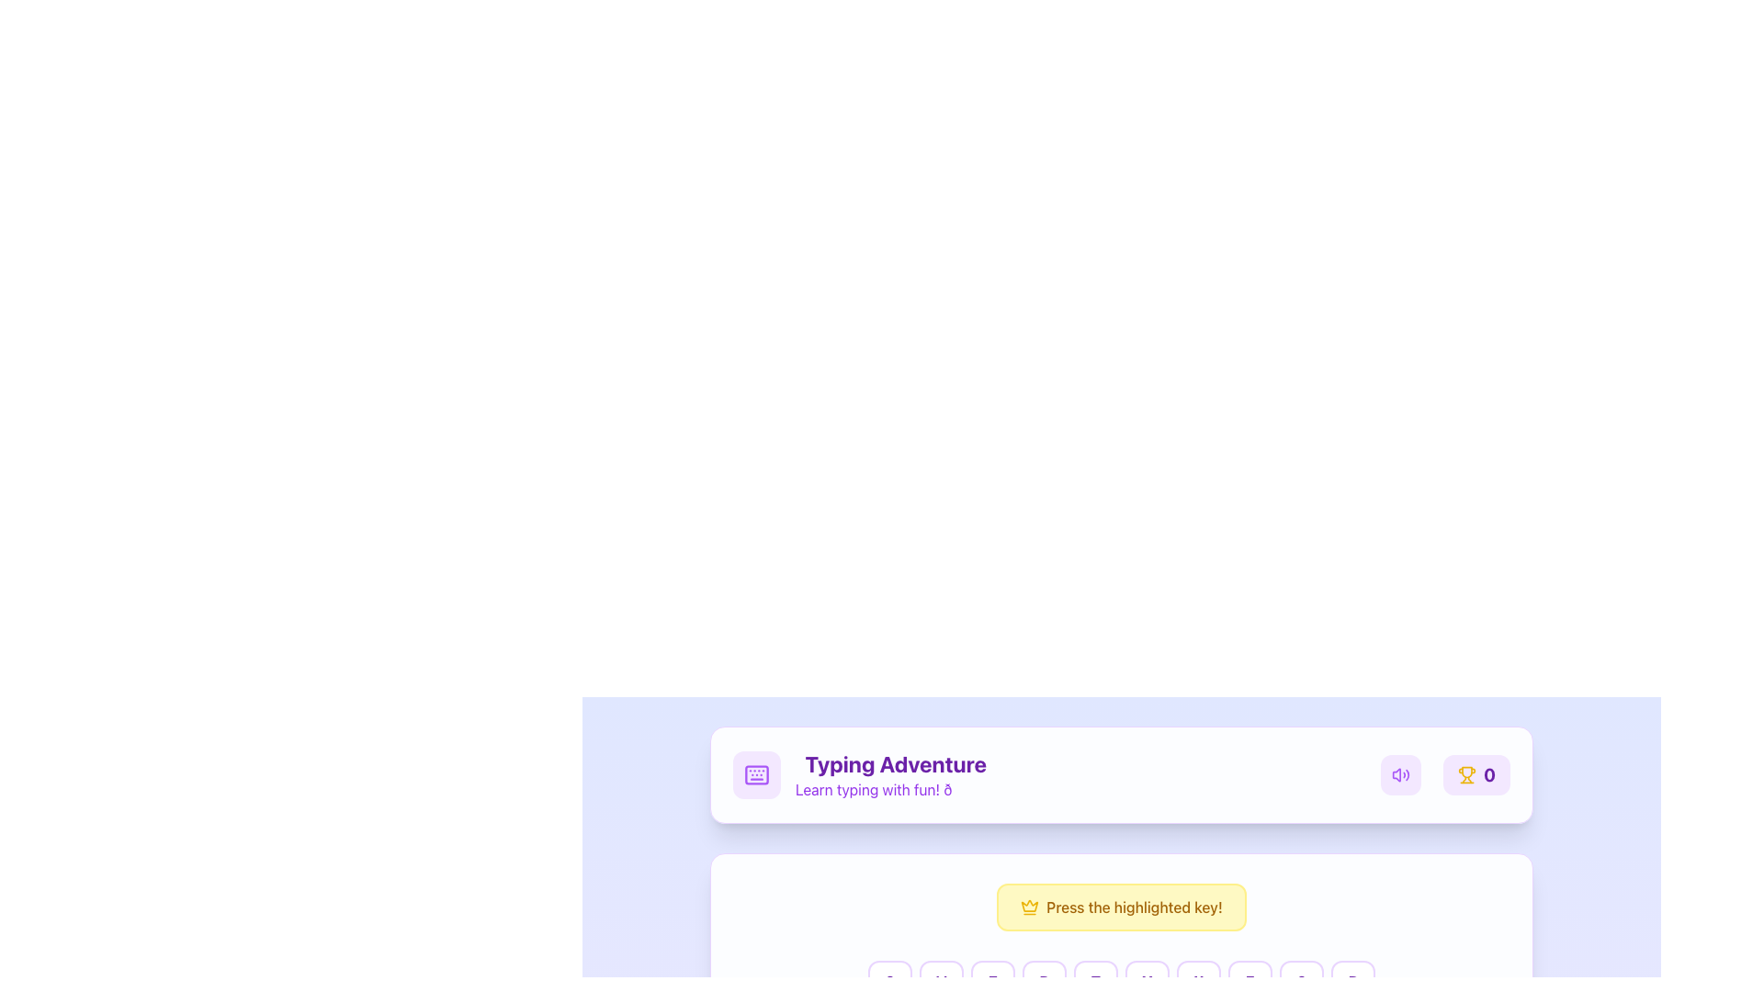  Describe the element at coordinates (1120, 906) in the screenshot. I see `the Instructional Message Box that guides the user to press a specific key, as indicated in the message` at that location.